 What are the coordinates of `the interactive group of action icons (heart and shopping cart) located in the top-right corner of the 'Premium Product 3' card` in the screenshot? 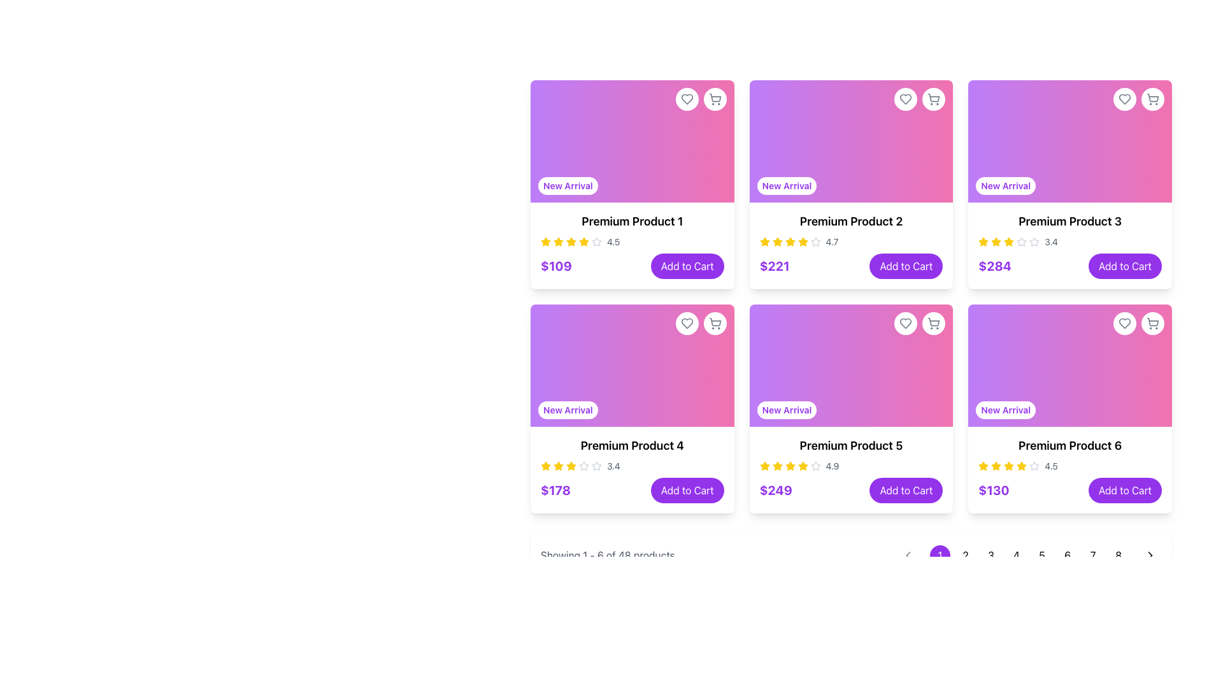 It's located at (1138, 98).